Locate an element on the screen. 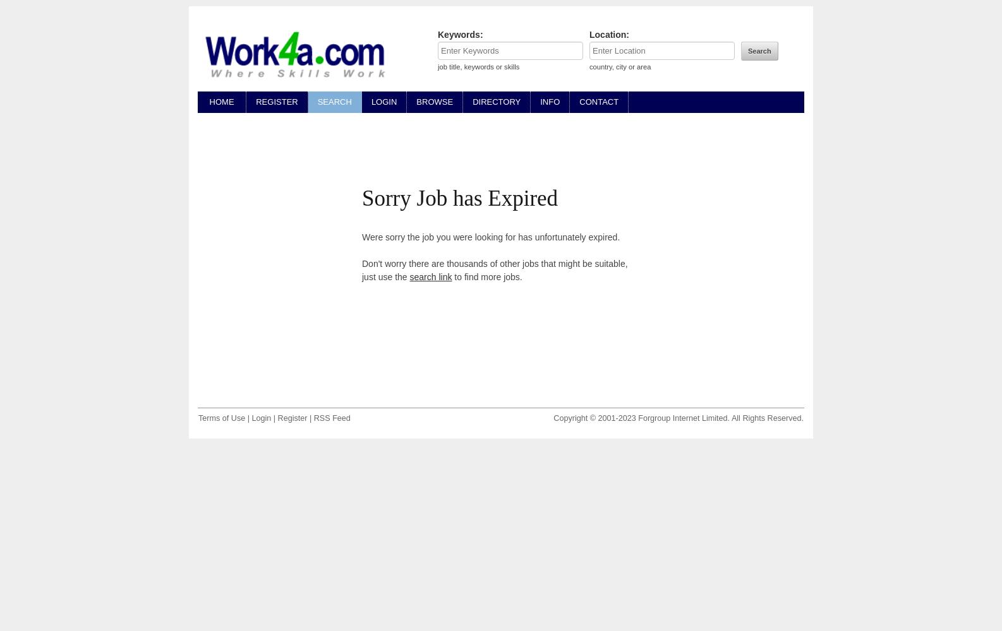 Image resolution: width=1002 pixels, height=631 pixels. 'Don't worry there are thousands of other jobs that might be suitable,' is located at coordinates (494, 264).